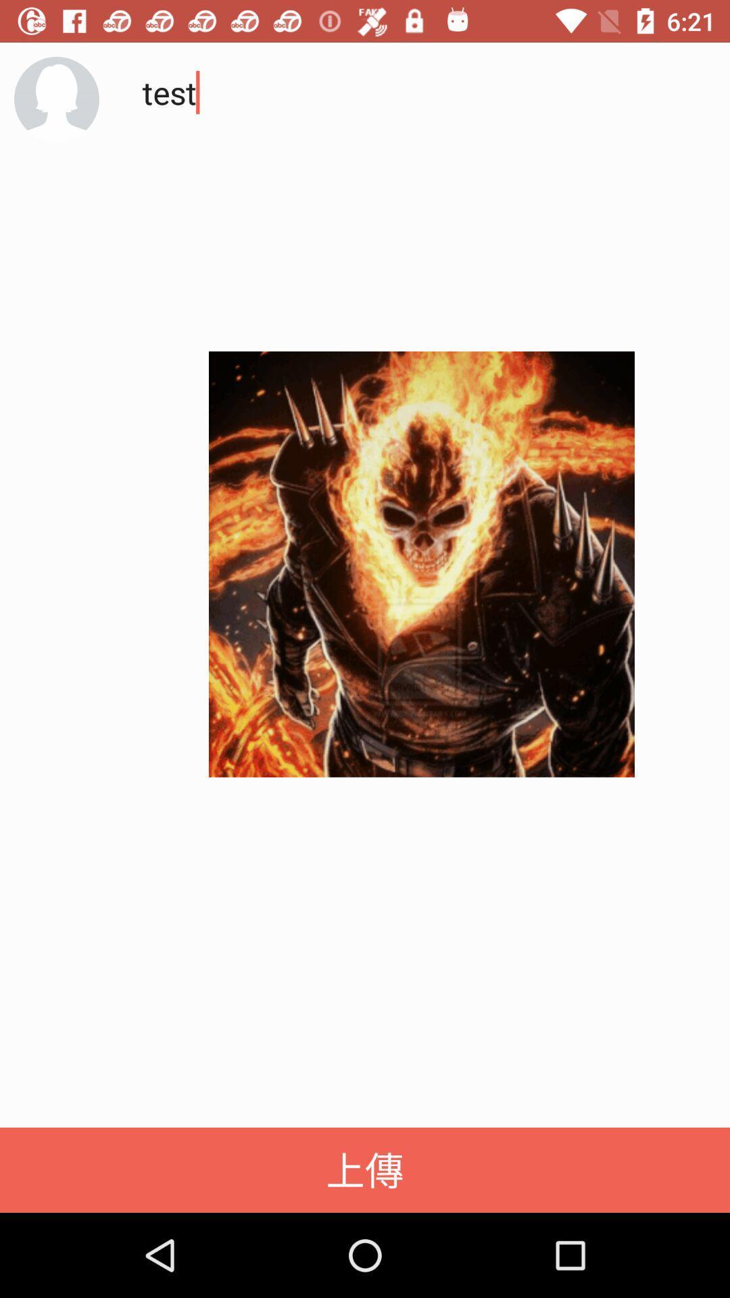  What do you see at coordinates (414, 189) in the screenshot?
I see `test item` at bounding box center [414, 189].